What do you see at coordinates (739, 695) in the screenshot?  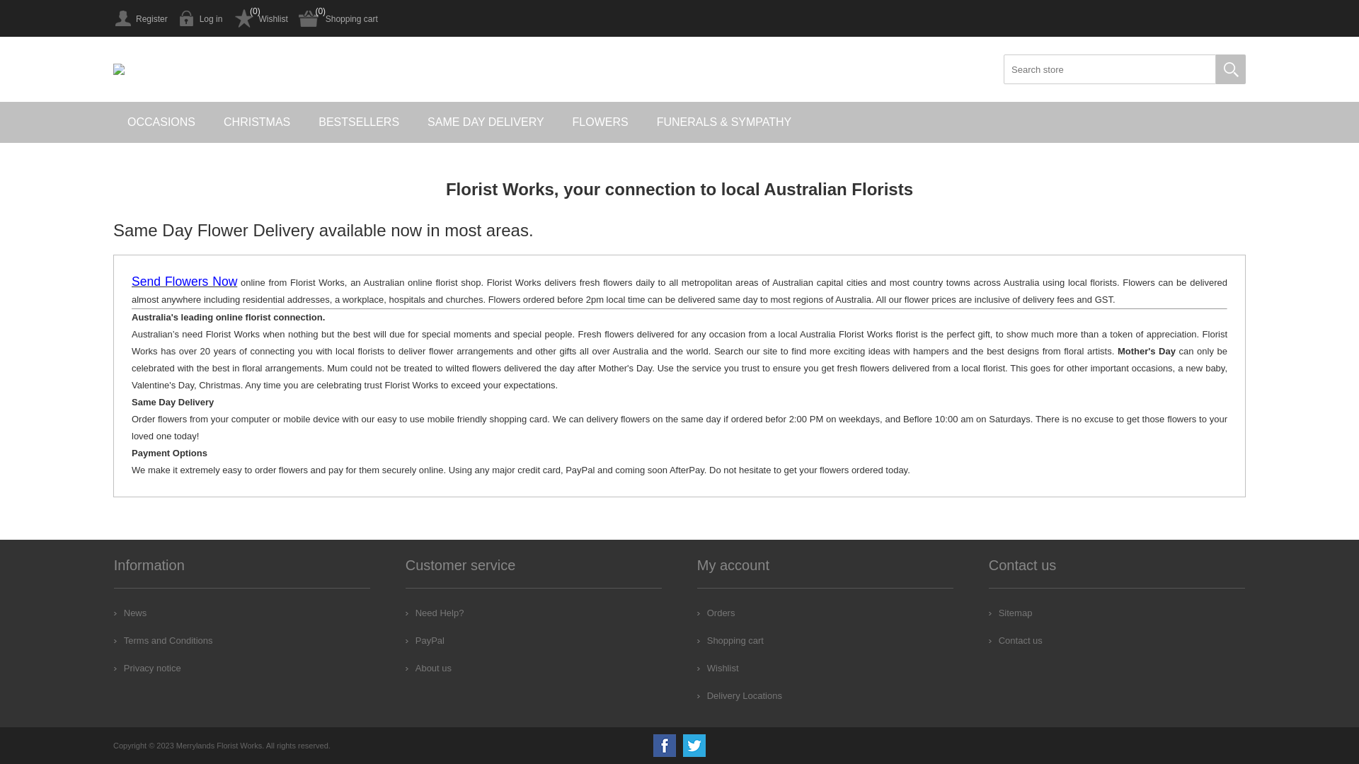 I see `'Delivery Locations'` at bounding box center [739, 695].